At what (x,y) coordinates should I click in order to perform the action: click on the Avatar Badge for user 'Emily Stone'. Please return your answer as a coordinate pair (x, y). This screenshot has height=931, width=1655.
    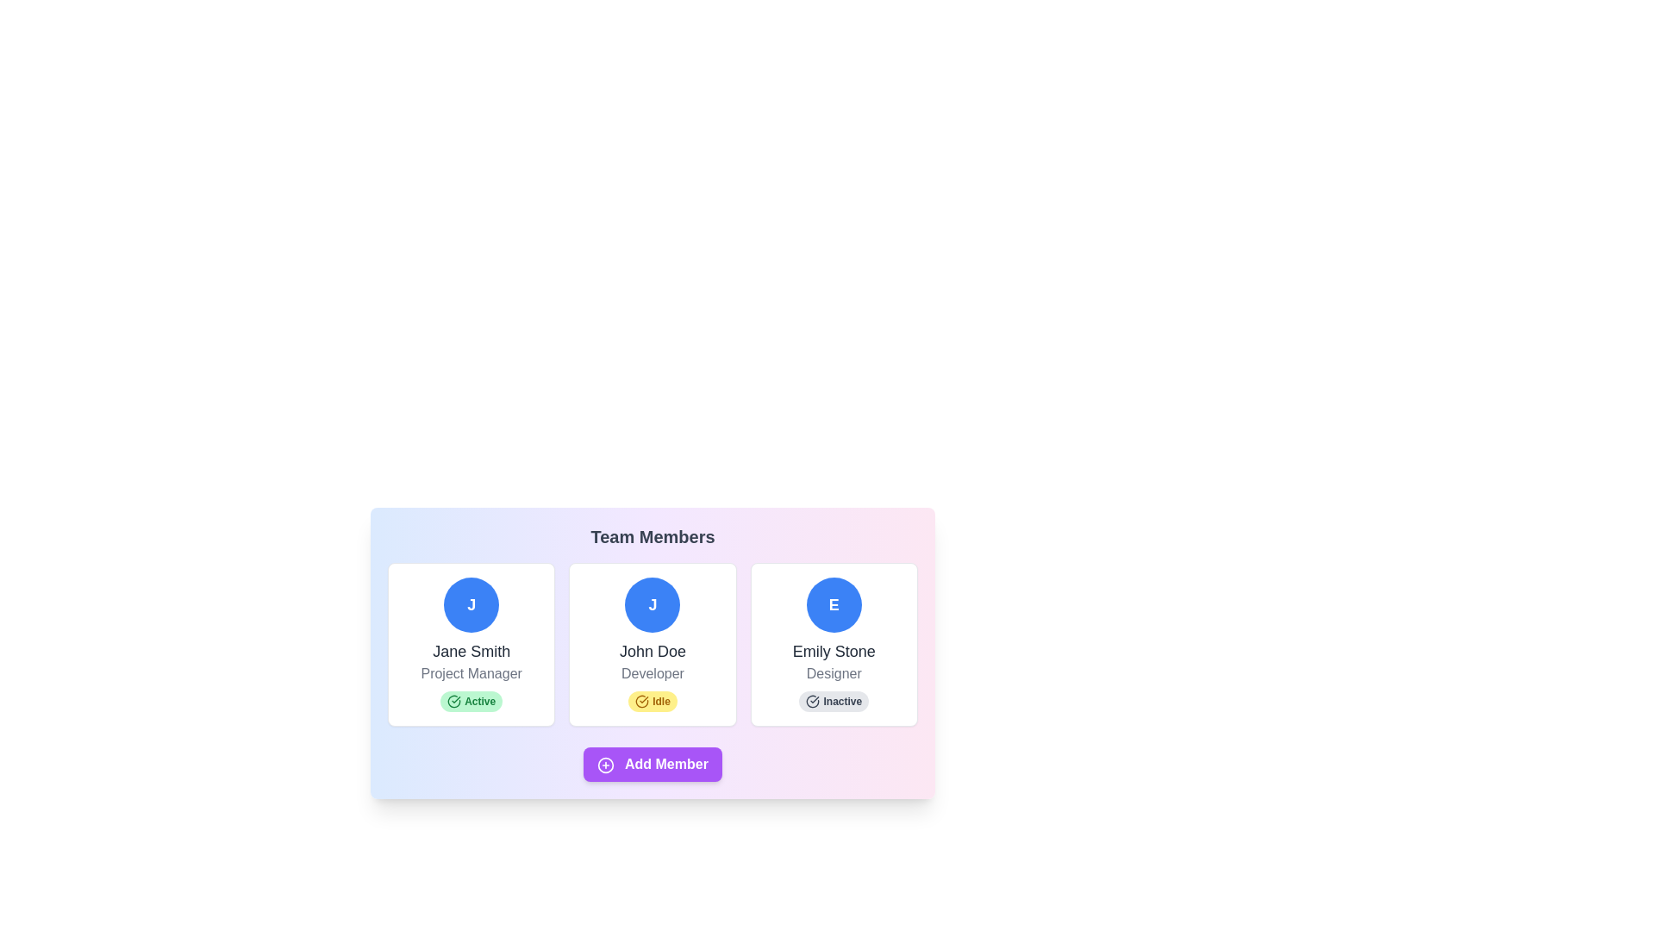
    Looking at the image, I should click on (834, 604).